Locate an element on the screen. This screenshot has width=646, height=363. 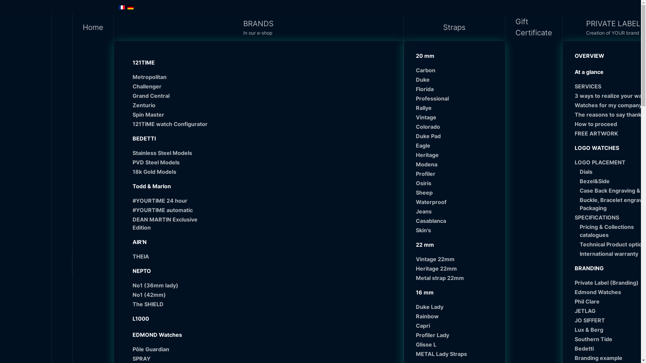
'PVD Steel Models' is located at coordinates (170, 162).